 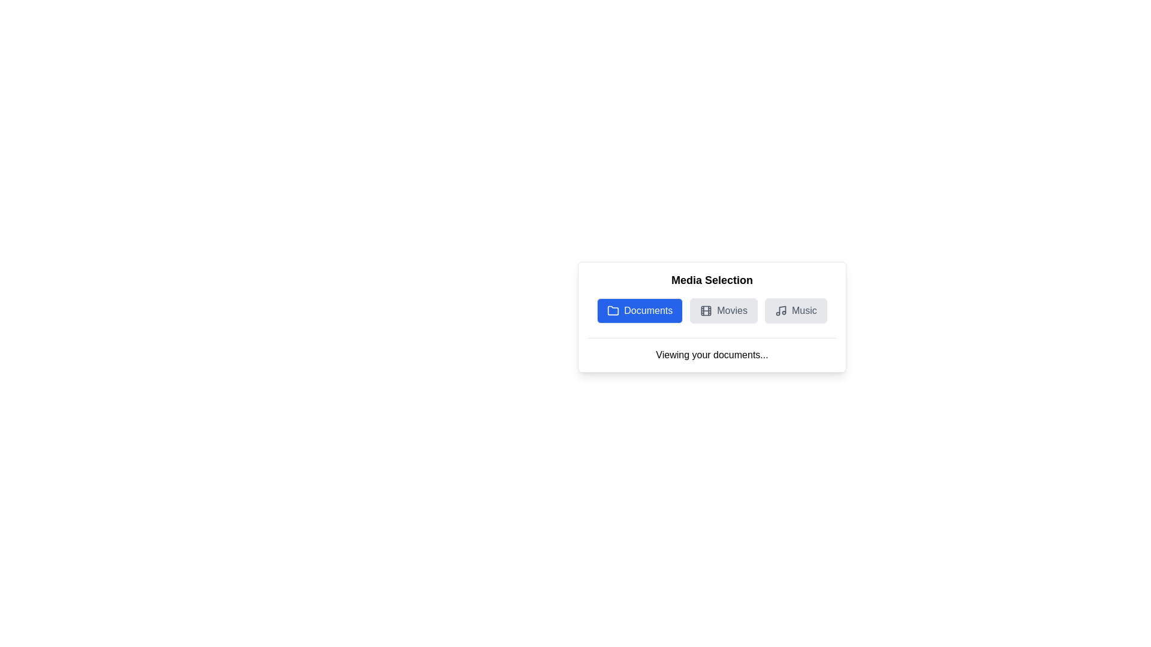 I want to click on displayed information from the media selection interface, which allows switching between 'Documents', 'Movies', and 'Music', so click(x=712, y=316).